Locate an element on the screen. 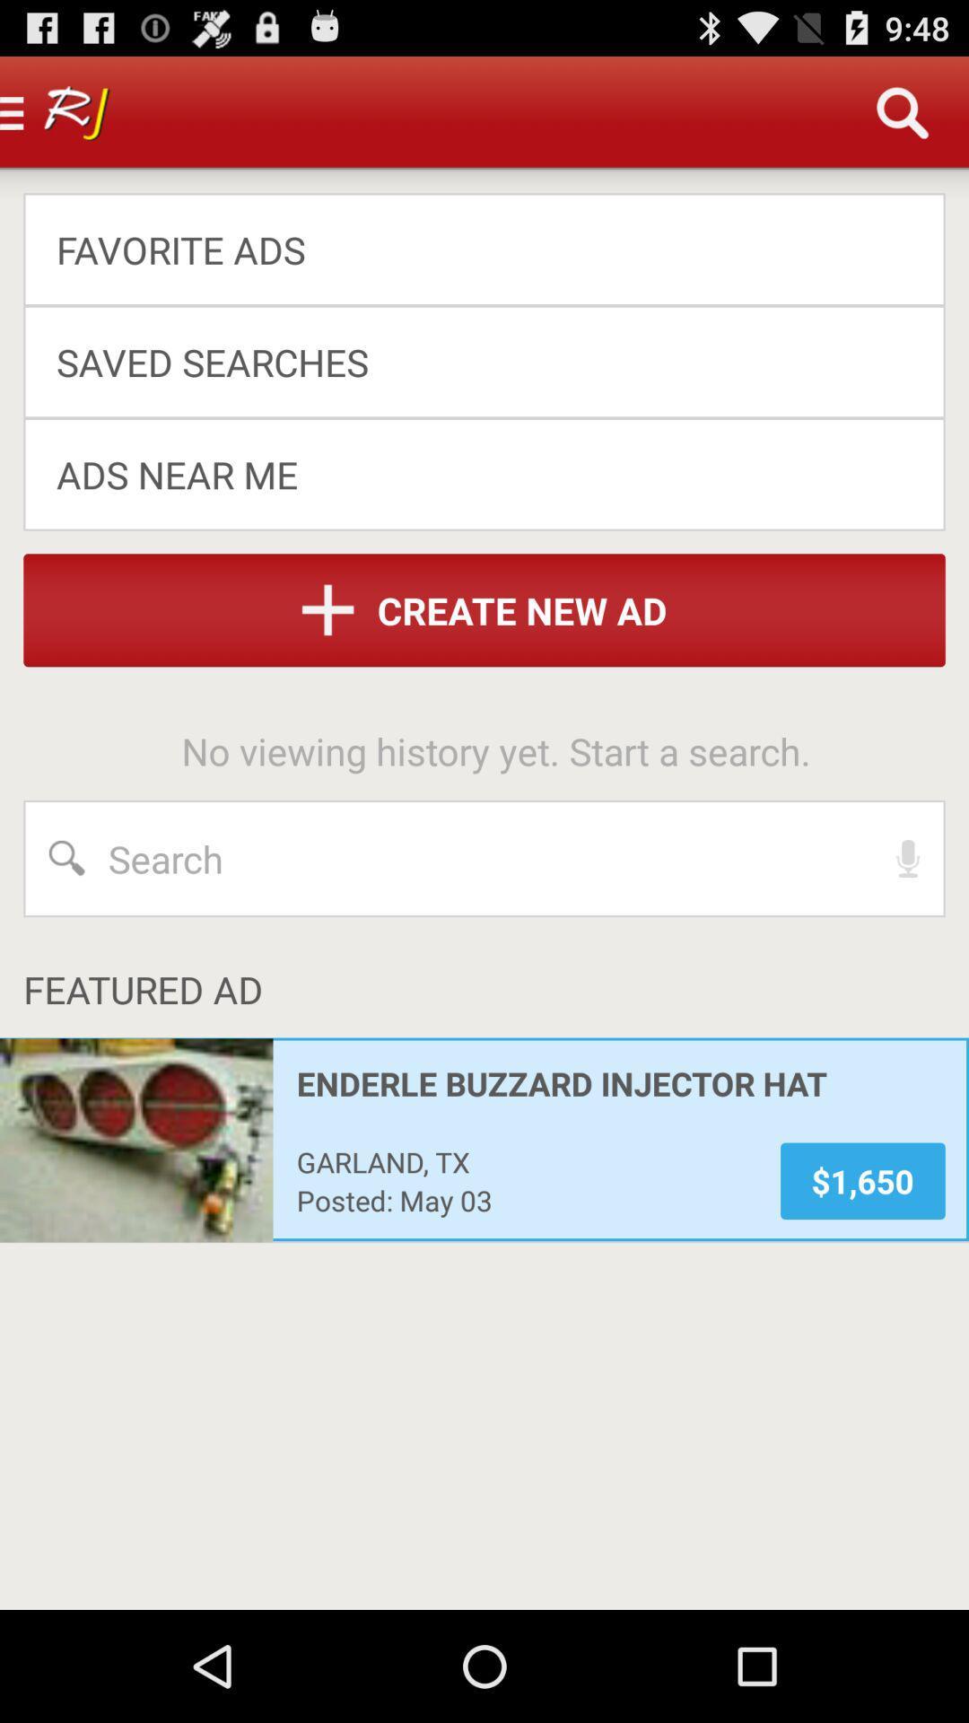 This screenshot has height=1723, width=969. item above the no viewing history app is located at coordinates (484, 610).